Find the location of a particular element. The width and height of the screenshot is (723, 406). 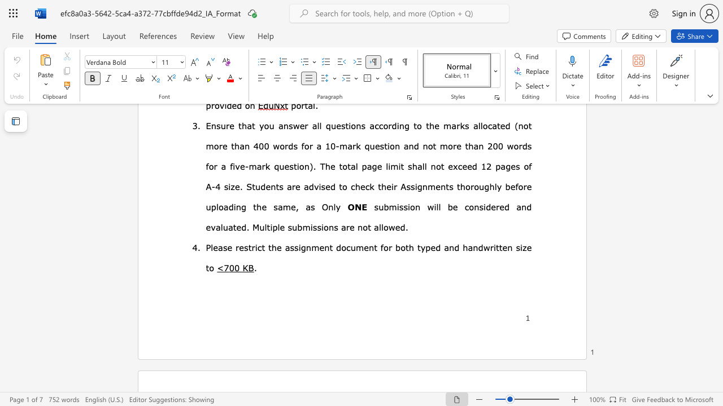

the subset text "restrict the assign" within the text "Please restrict the assignment document" is located at coordinates (235, 246).